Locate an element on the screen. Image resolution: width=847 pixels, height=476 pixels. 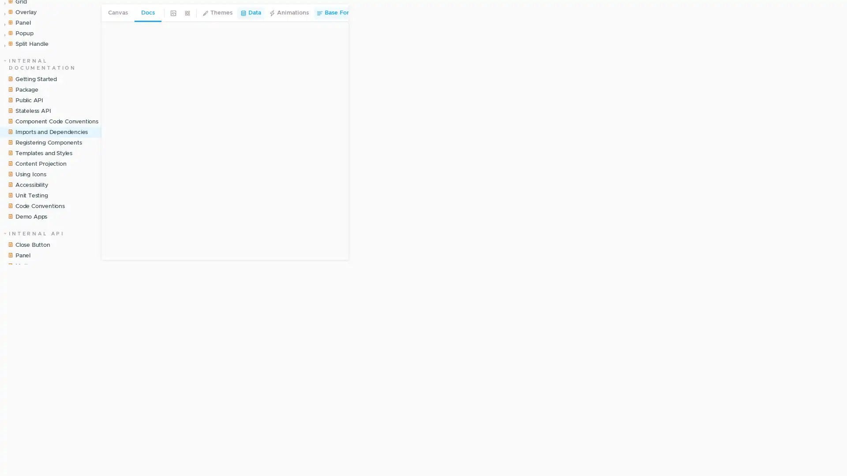
INTERNAL CONTROLLERS is located at coordinates (46, 372).